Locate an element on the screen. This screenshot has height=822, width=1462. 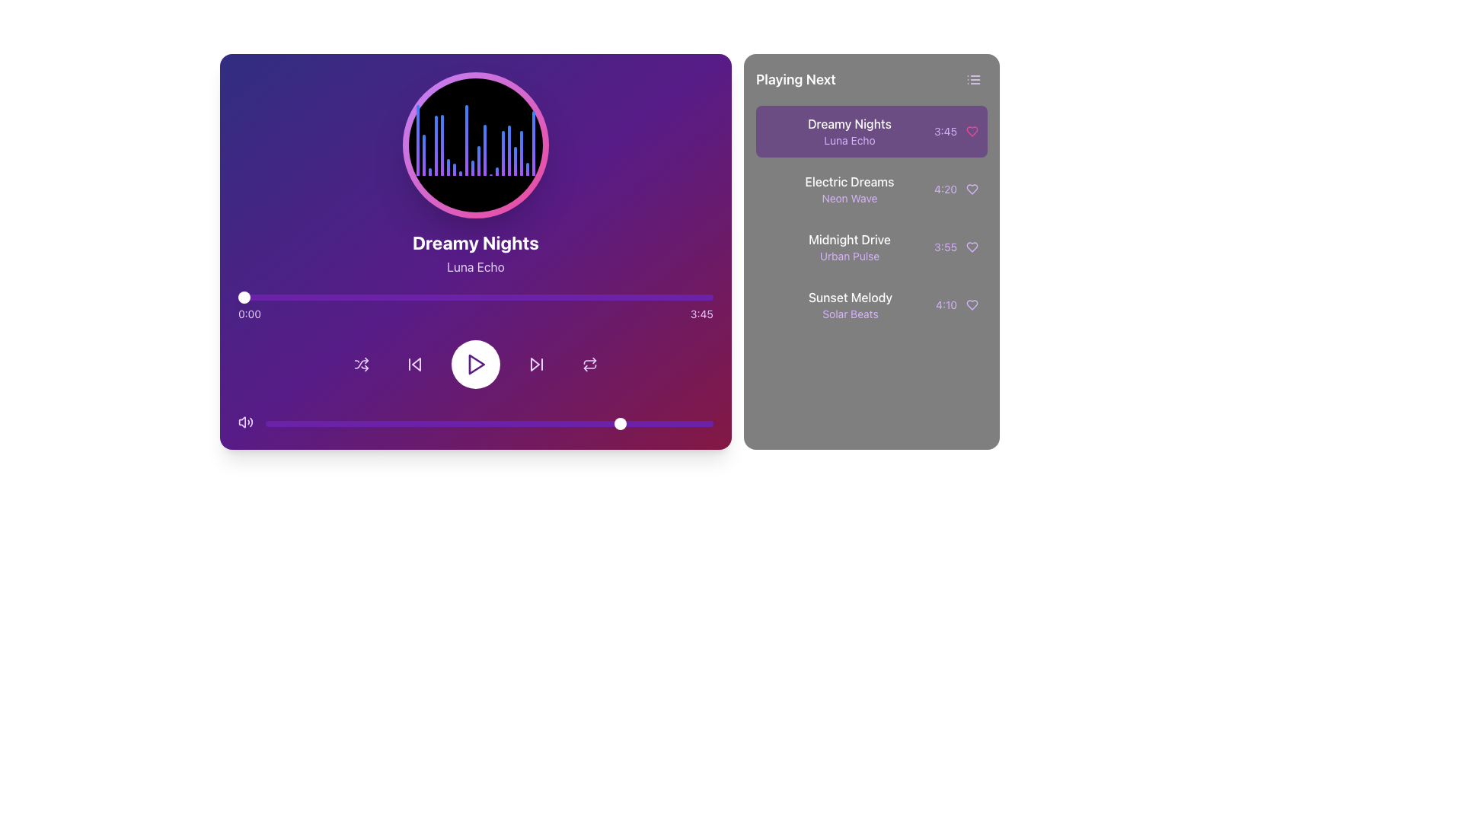
the text label that reads 'Dreamy Nights' in the 'Playing Next' section, which is styled with a white font on a purple background is located at coordinates (848, 123).